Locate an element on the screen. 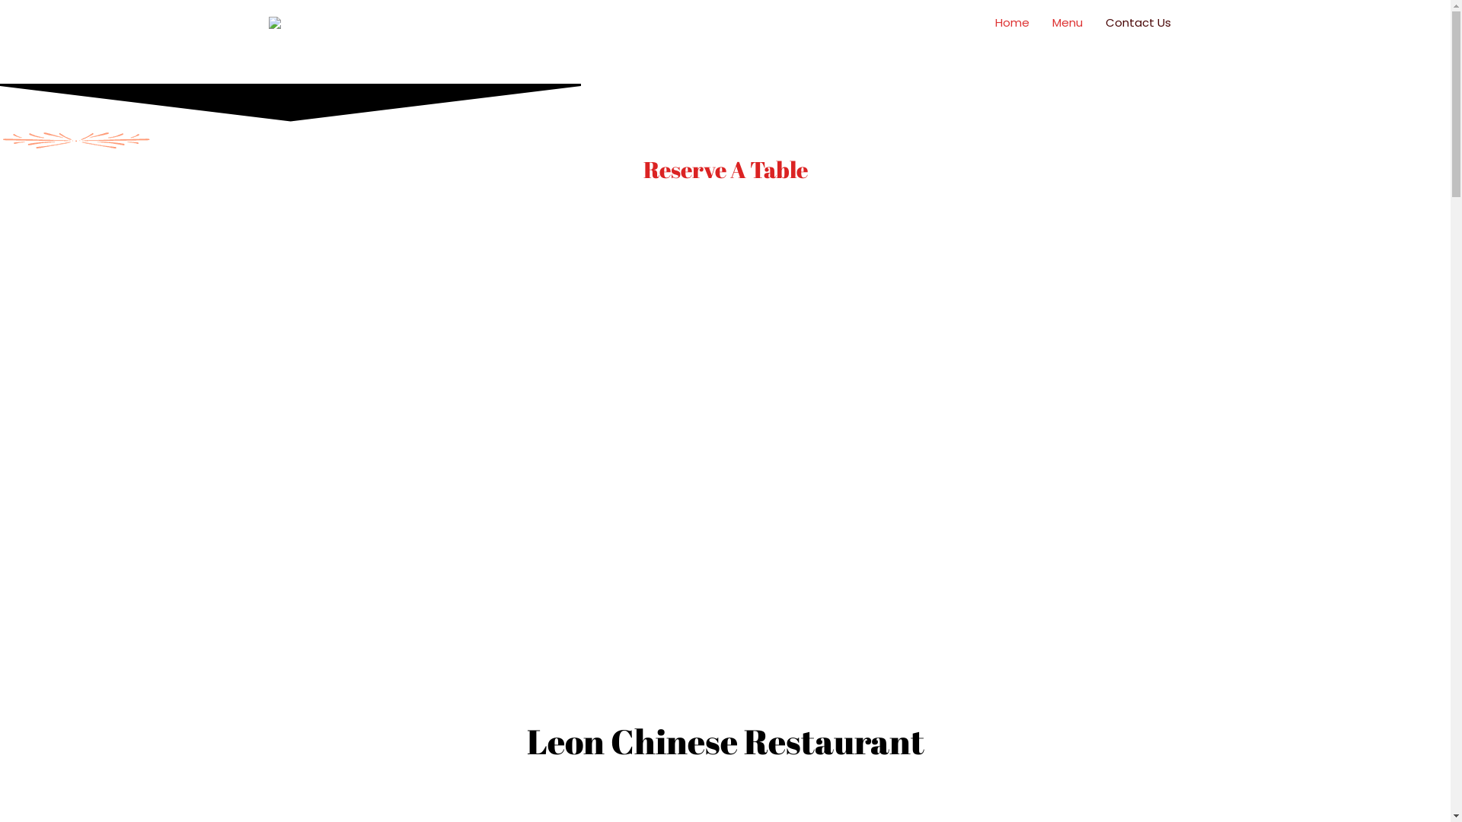 The height and width of the screenshot is (822, 1462). 'Contact Us' is located at coordinates (1137, 23).